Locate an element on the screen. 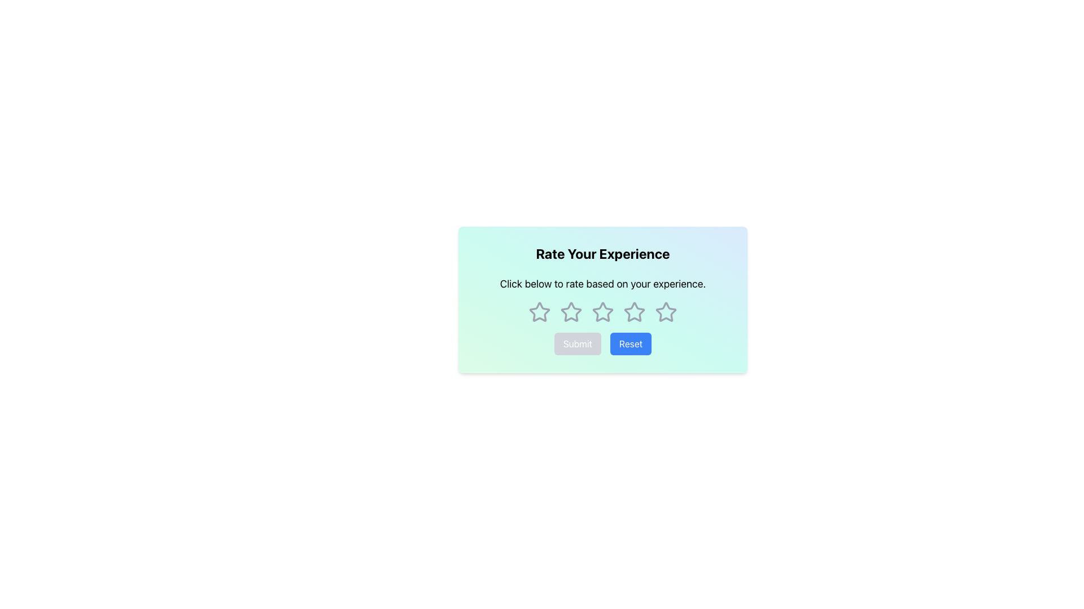 The image size is (1084, 609). the static text heading that serves as the title of the section, which is positioned at the top of a centered card layout is located at coordinates (602, 254).